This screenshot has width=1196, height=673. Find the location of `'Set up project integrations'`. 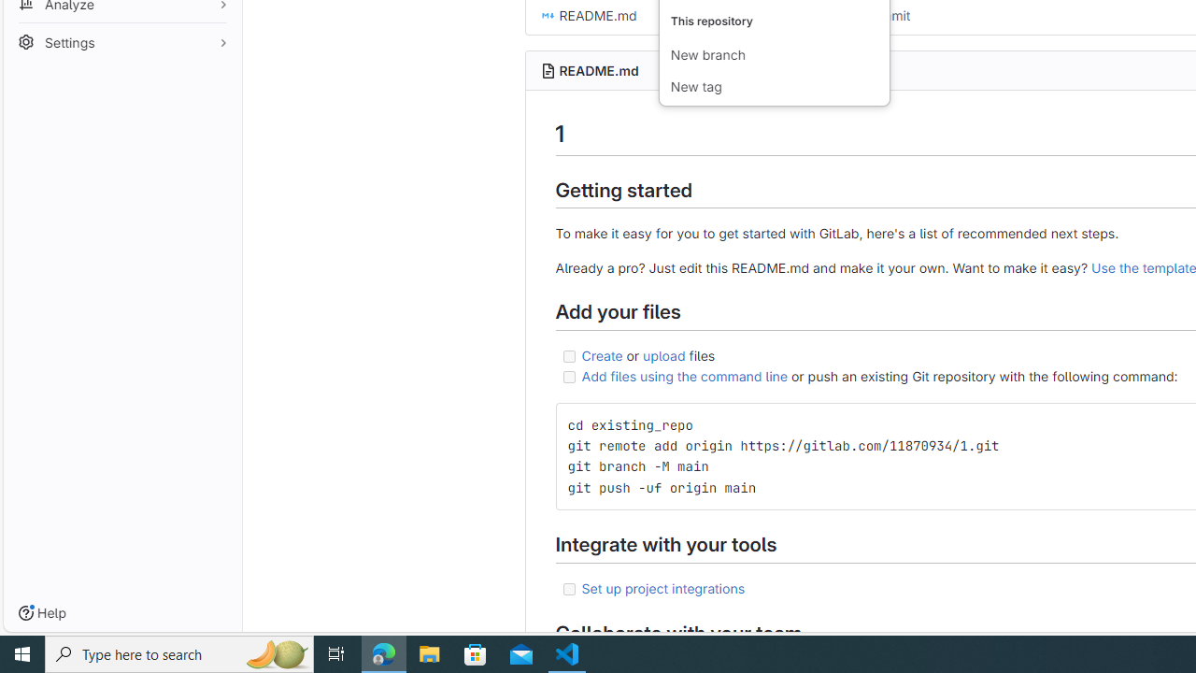

'Set up project integrations' is located at coordinates (662, 586).